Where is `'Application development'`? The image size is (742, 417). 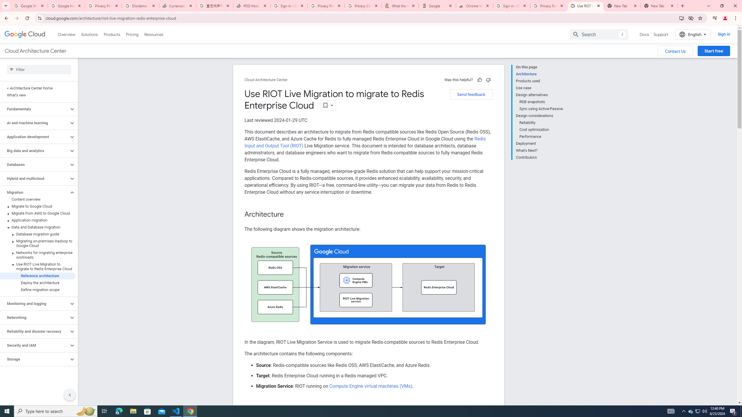
'Application development' is located at coordinates (34, 137).